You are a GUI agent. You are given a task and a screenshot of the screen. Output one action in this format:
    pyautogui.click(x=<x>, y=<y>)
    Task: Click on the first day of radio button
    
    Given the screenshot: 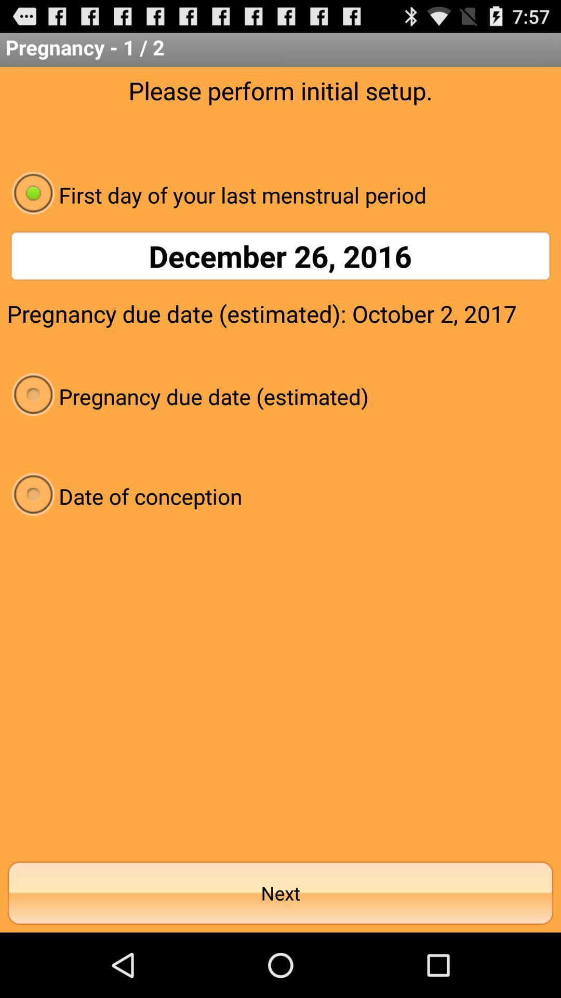 What is the action you would take?
    pyautogui.click(x=280, y=194)
    